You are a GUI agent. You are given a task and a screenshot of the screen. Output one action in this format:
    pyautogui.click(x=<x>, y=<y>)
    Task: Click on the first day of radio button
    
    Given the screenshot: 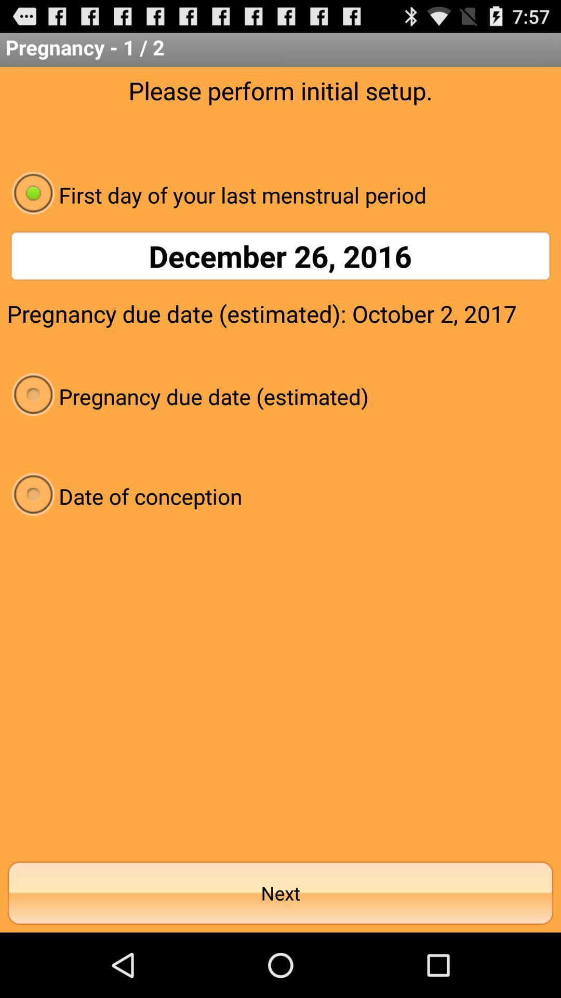 What is the action you would take?
    pyautogui.click(x=280, y=194)
    